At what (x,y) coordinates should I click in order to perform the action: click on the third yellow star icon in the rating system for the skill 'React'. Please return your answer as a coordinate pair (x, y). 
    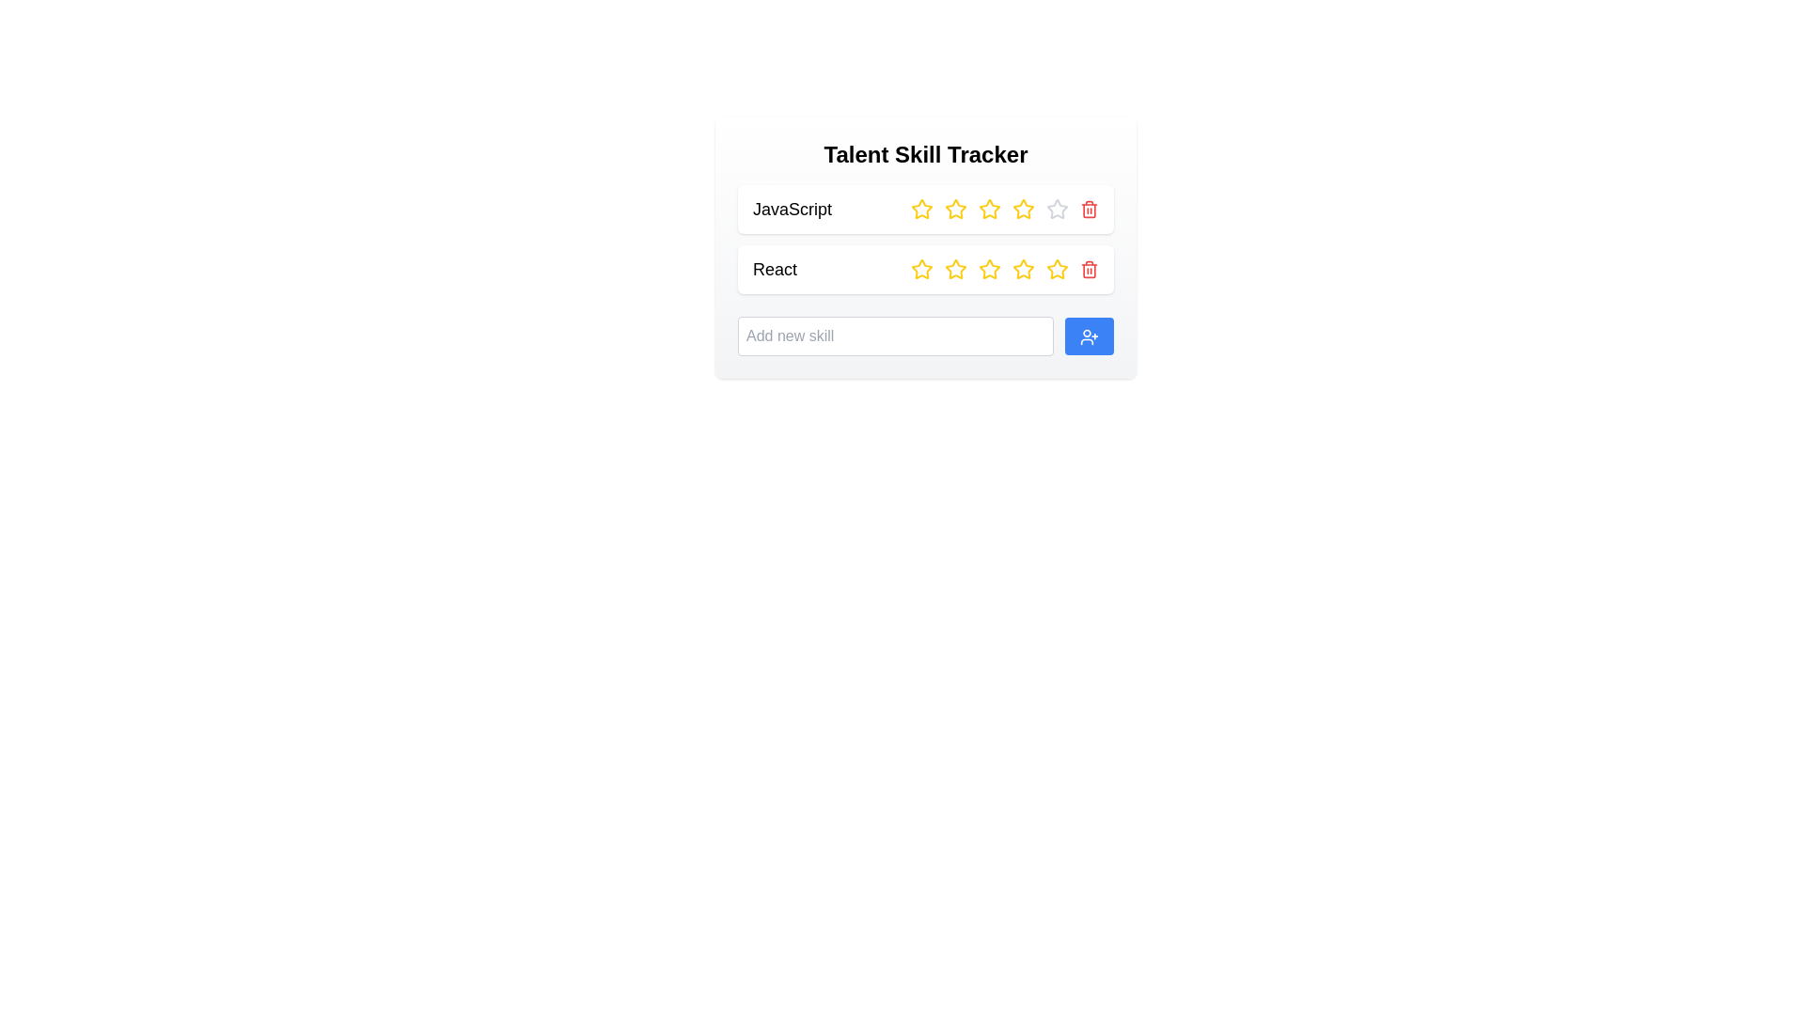
    Looking at the image, I should click on (956, 269).